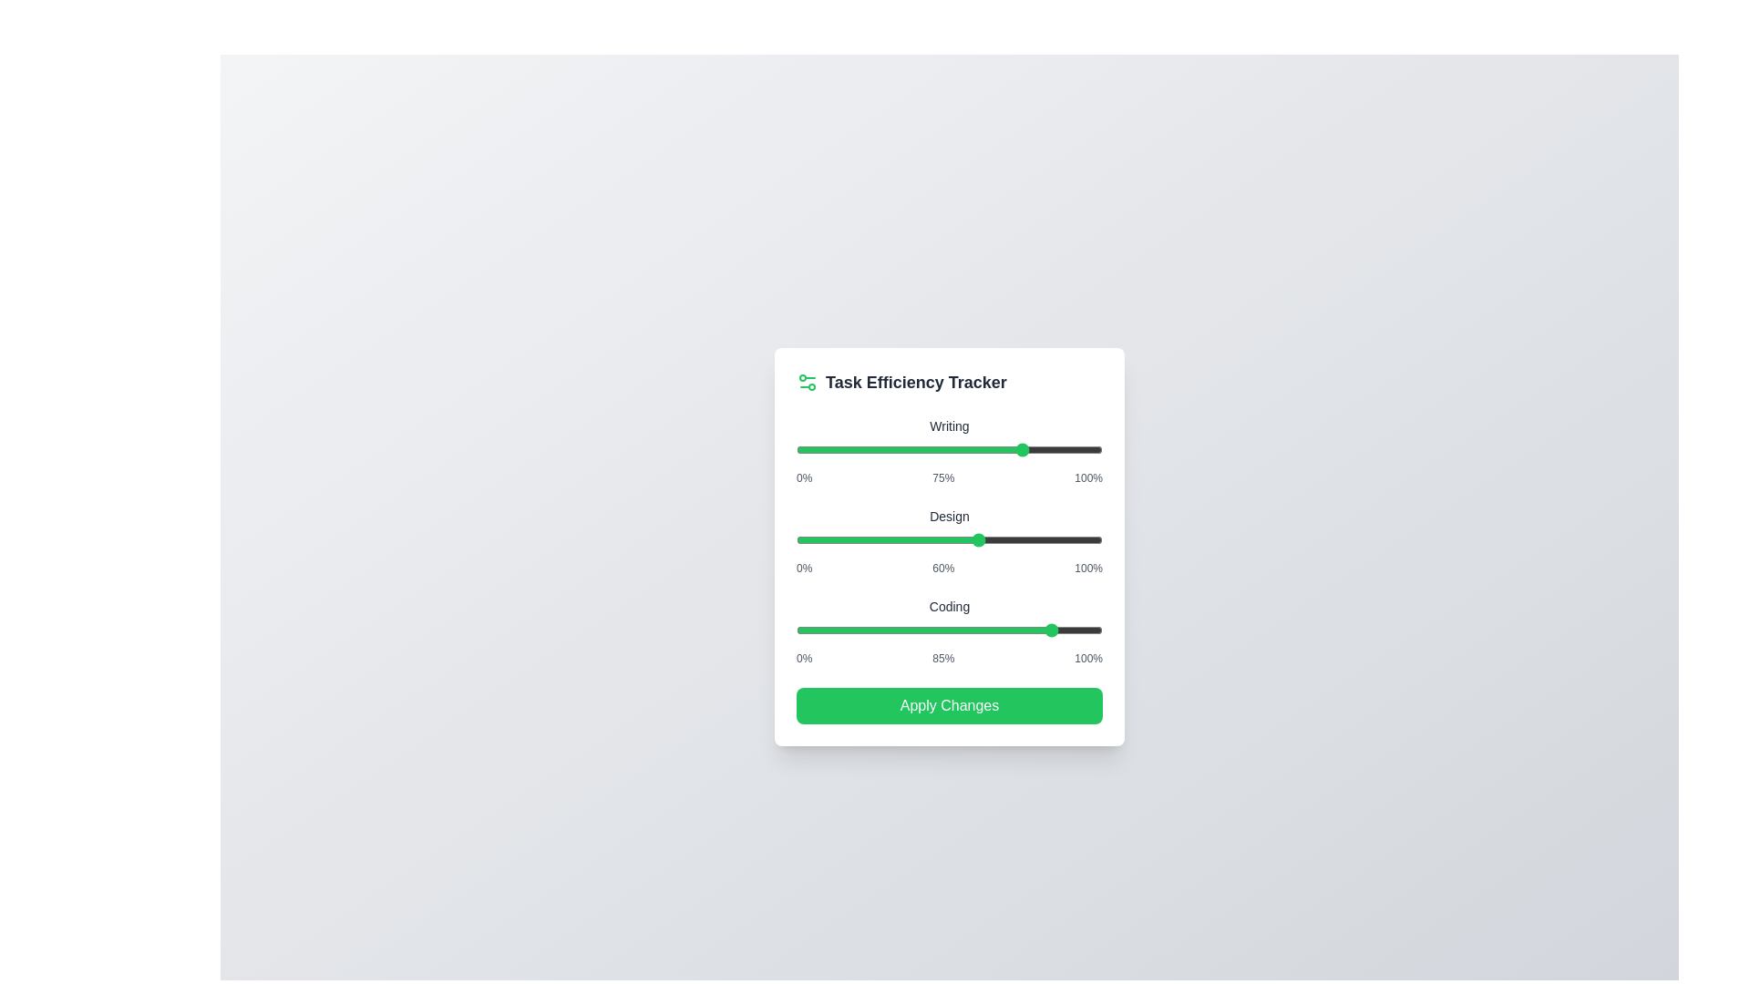  I want to click on the task label Writing to highlight it, so click(948, 425).